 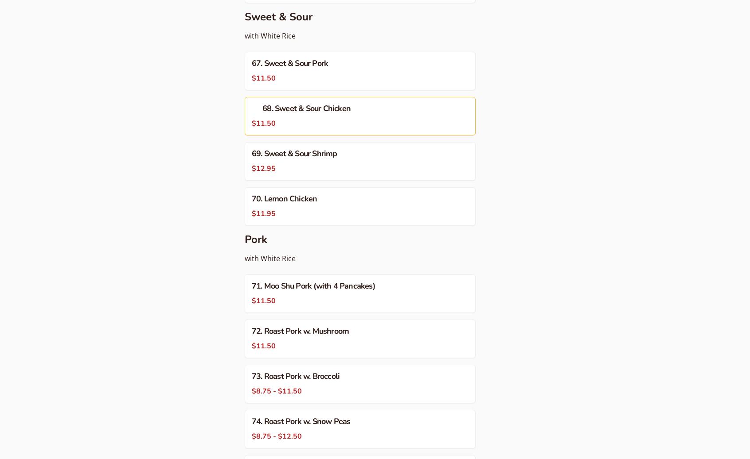 I want to click on '73.  Roast Pork w. Broccoli', so click(x=295, y=376).